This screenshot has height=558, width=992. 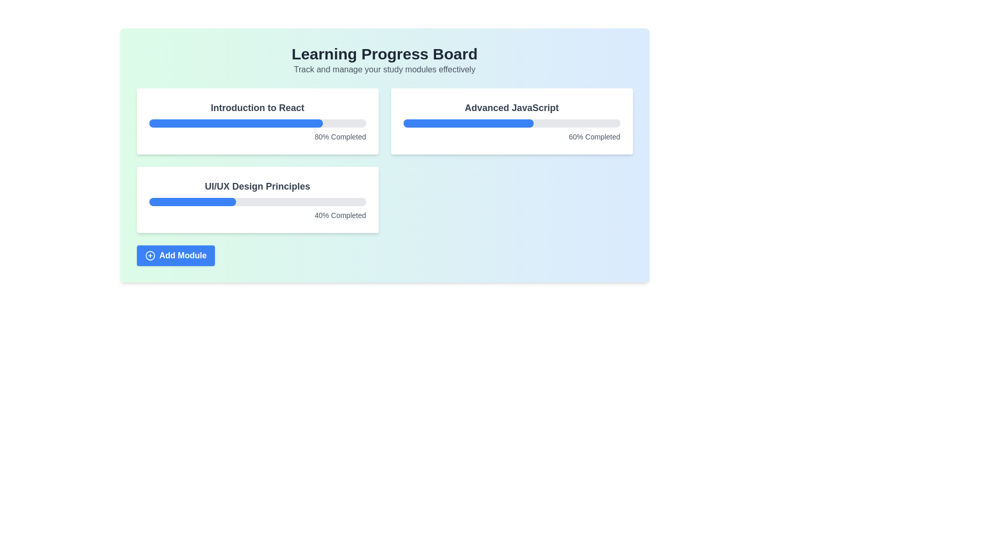 What do you see at coordinates (257, 202) in the screenshot?
I see `the progress bar indicating the completion percentage of the 'UI/UX Design Principles' module, which shows '40% Completed'` at bounding box center [257, 202].